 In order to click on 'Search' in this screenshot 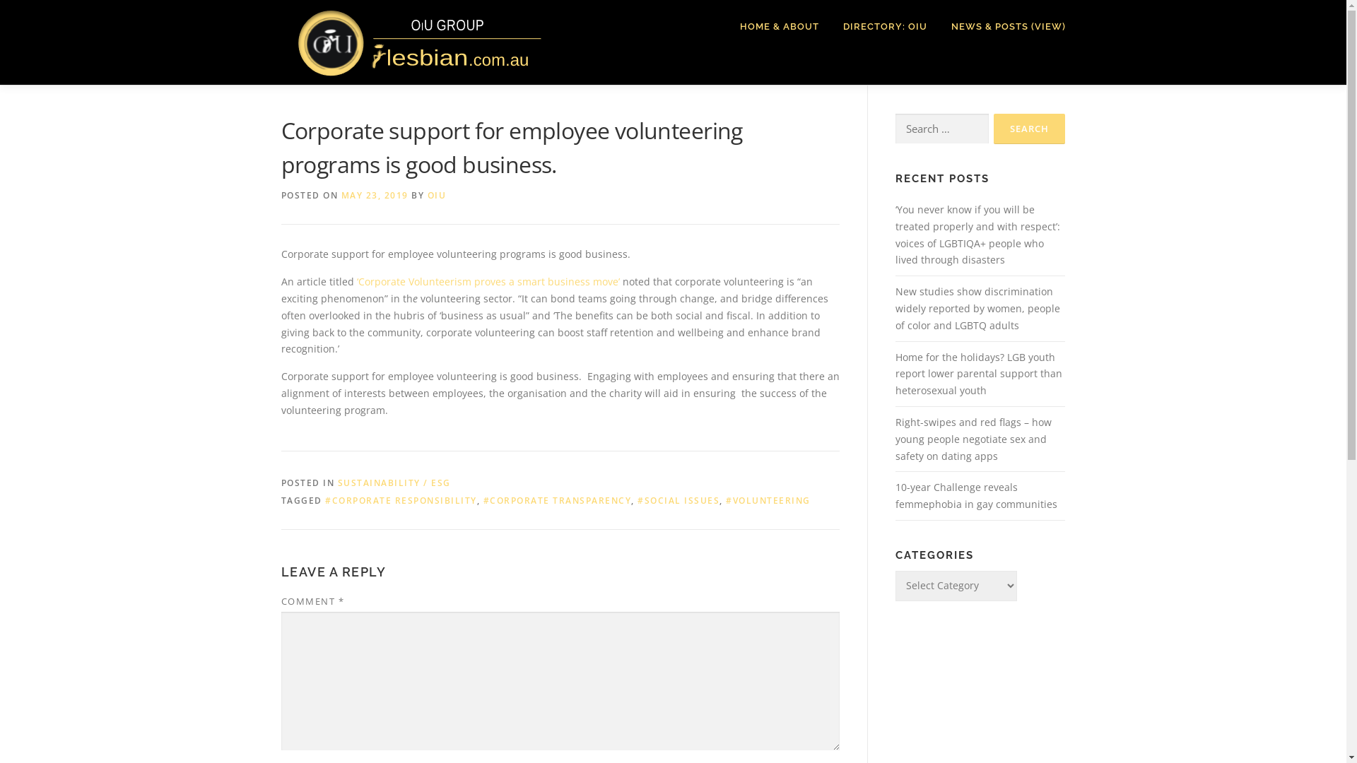, I will do `click(993, 129)`.